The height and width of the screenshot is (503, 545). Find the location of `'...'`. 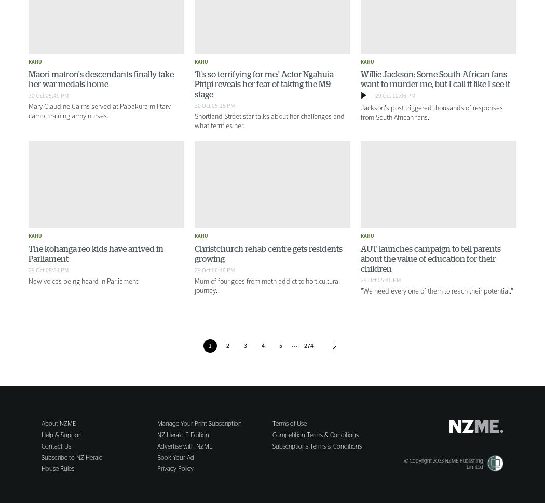

'...' is located at coordinates (294, 343).